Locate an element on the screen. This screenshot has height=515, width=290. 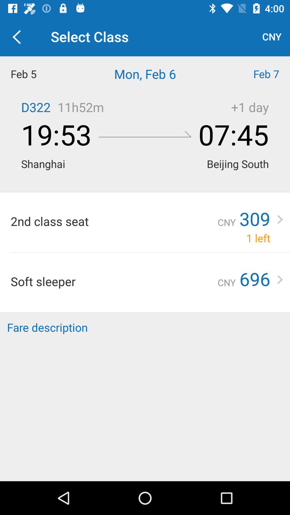
item next to the select class is located at coordinates (19, 36).